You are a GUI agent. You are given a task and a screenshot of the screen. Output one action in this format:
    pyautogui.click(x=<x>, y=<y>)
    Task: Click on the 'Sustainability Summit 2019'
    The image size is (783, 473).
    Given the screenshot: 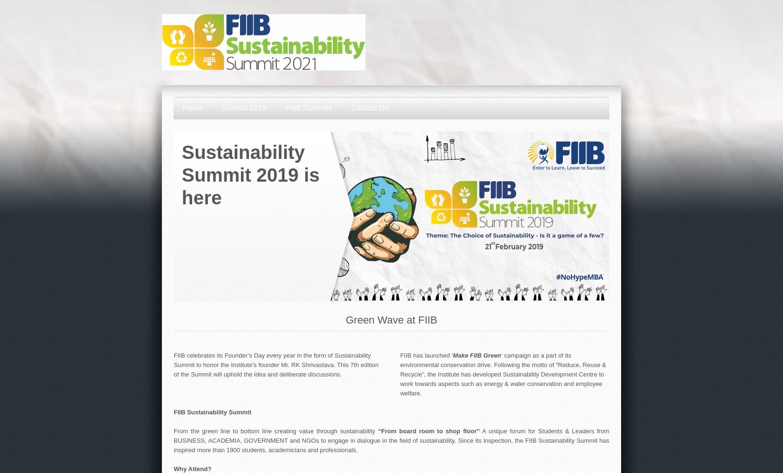 What is the action you would take?
    pyautogui.click(x=243, y=163)
    